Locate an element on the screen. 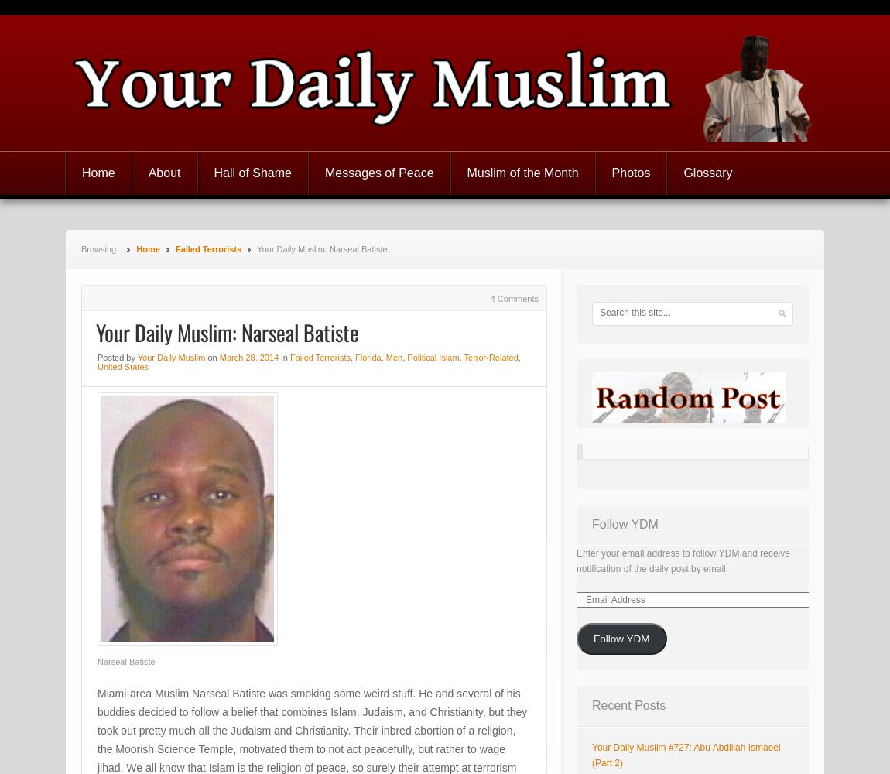 This screenshot has height=774, width=890. 'United States' is located at coordinates (97, 366).